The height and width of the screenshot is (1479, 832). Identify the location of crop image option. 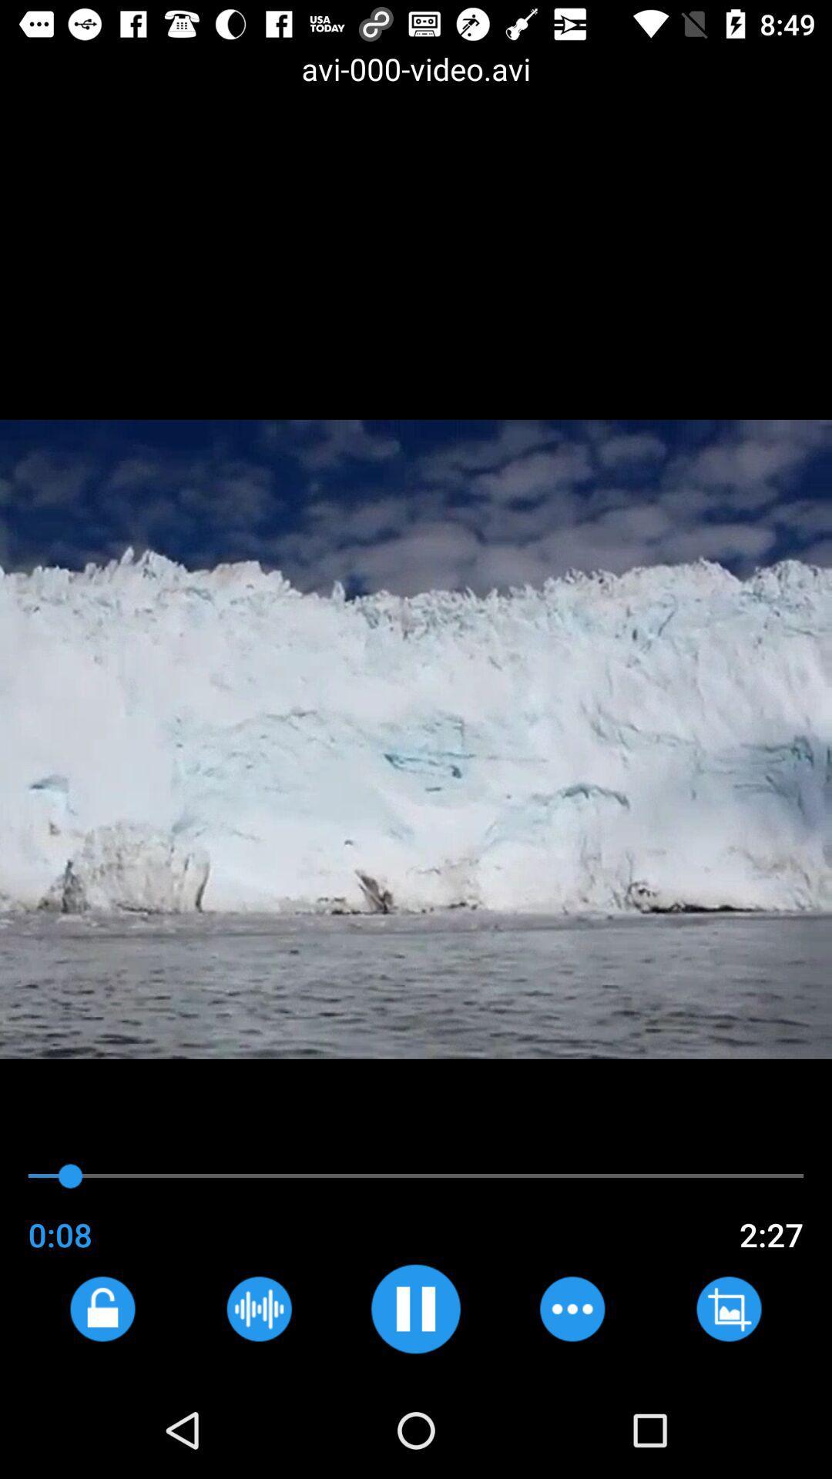
(728, 1308).